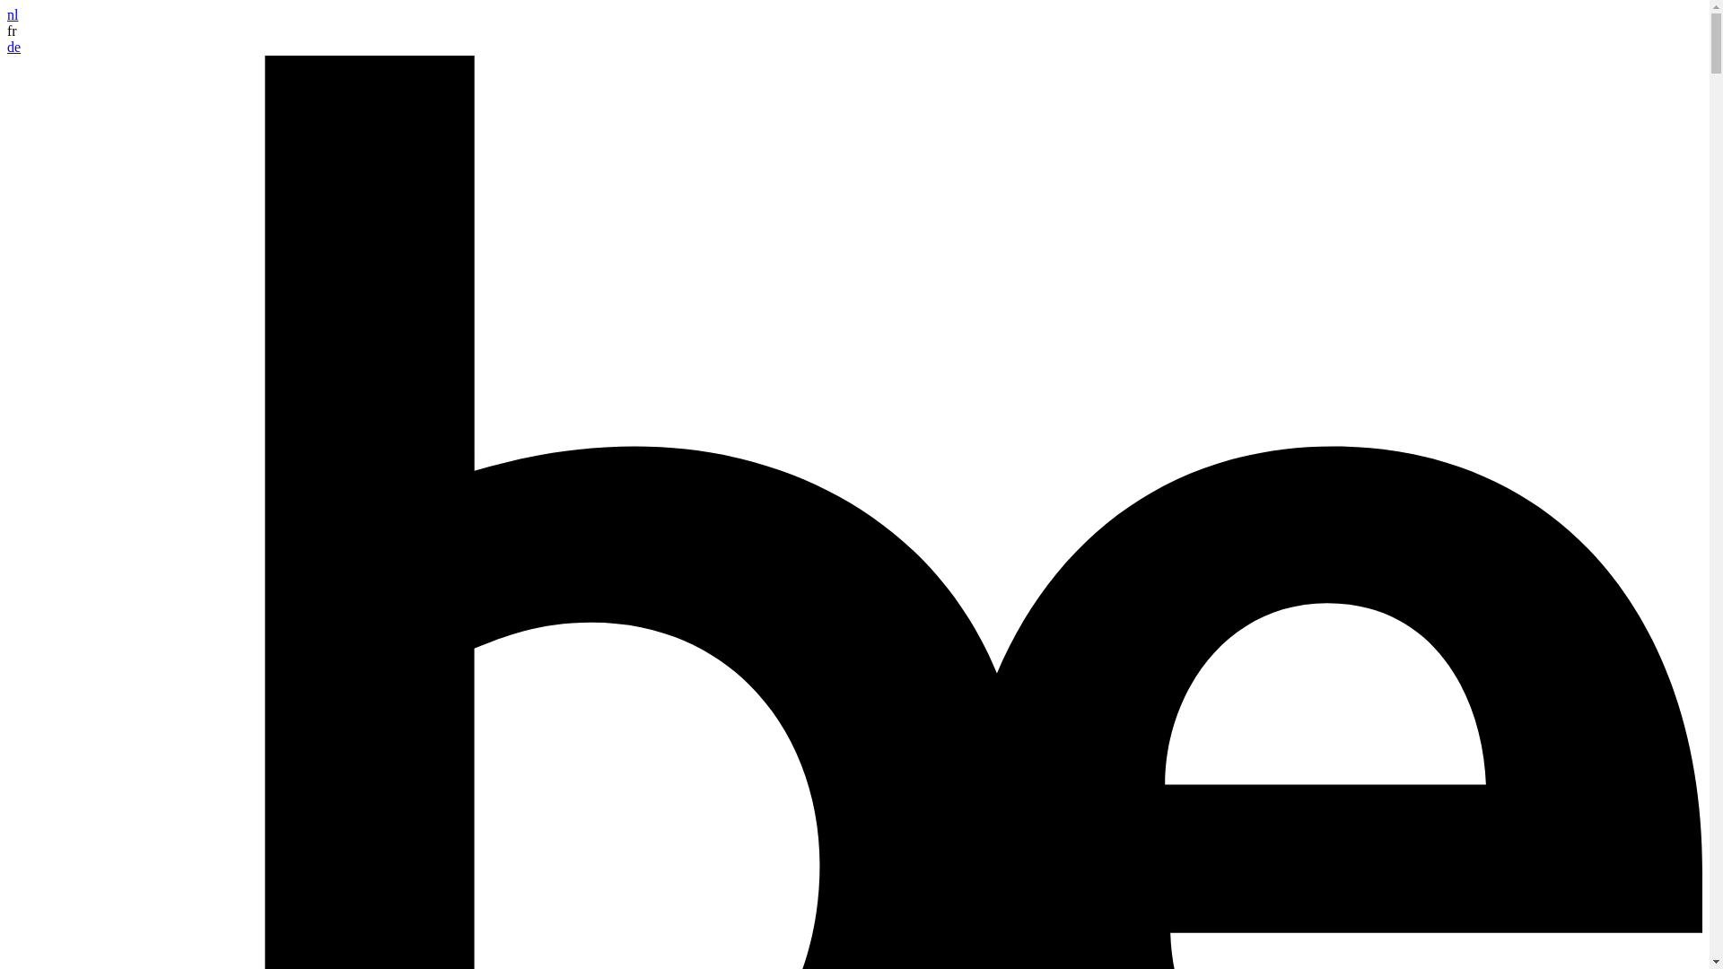  I want to click on 'de', so click(7, 46).